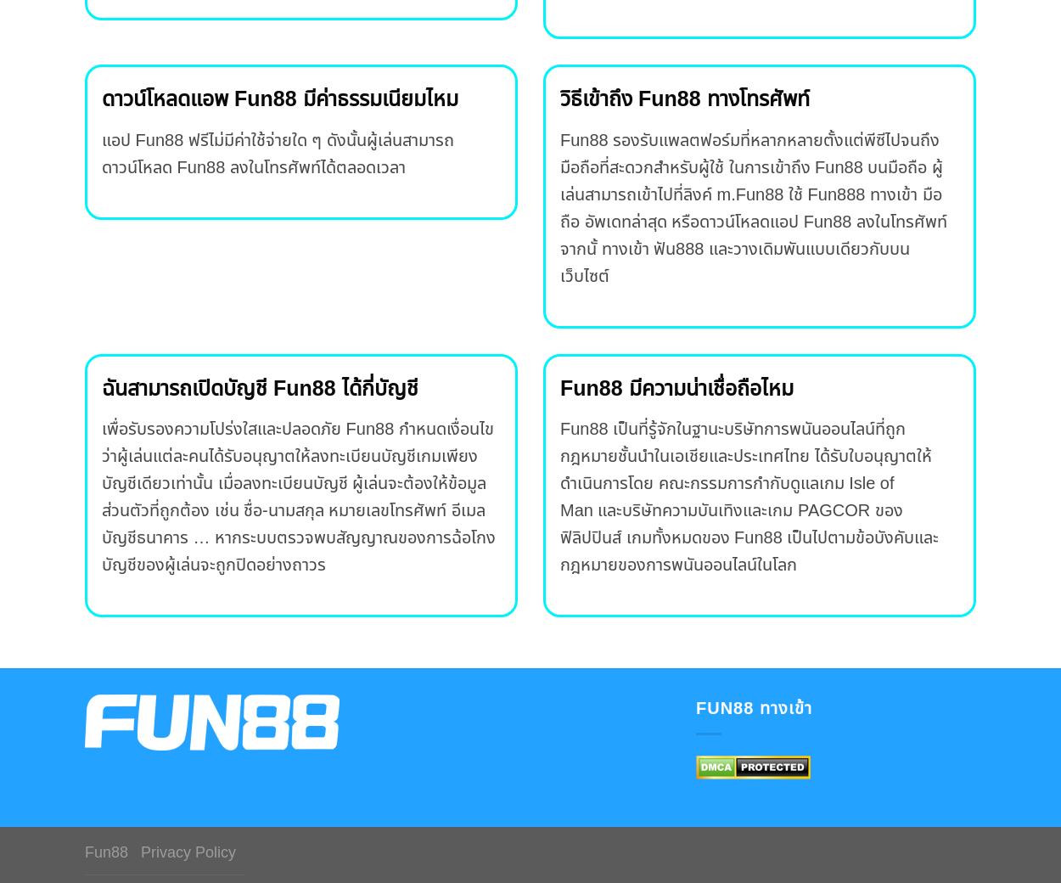 This screenshot has height=883, width=1061. What do you see at coordinates (751, 166) in the screenshot?
I see `'Fun88 รองรับแพลตฟอร์มที่หลากหลายตั้งแต่พีซีไปจนถึงมือถือที่สะดวกสำหรับผู้ใช้ ในการเข้าถึง Fun88 บนมือถือ ผู้เล่นสามารถเข้าไปที่ลิงค์'` at bounding box center [751, 166].